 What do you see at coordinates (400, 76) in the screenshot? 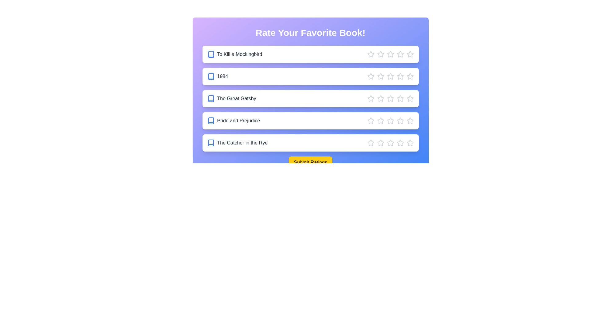
I see `the star corresponding to 4 stars for the book '1984'` at bounding box center [400, 76].